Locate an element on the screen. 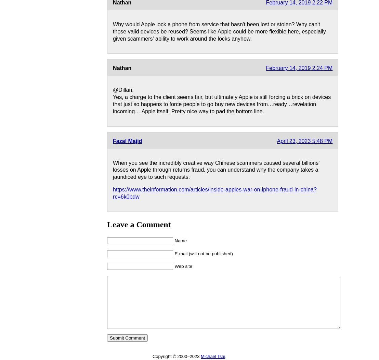 The image size is (379, 360). 'Nathan' is located at coordinates (112, 68).